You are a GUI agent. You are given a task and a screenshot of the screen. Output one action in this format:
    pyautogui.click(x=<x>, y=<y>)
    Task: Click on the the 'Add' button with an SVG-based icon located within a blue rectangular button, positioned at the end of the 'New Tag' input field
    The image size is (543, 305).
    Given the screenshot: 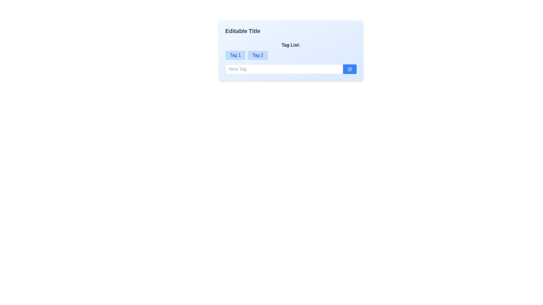 What is the action you would take?
    pyautogui.click(x=349, y=69)
    